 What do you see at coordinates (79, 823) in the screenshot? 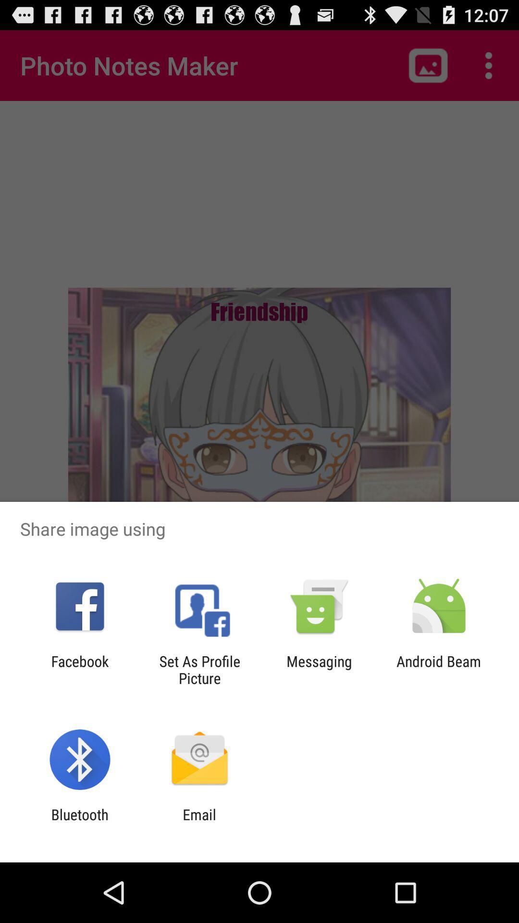
I see `bluetooth` at bounding box center [79, 823].